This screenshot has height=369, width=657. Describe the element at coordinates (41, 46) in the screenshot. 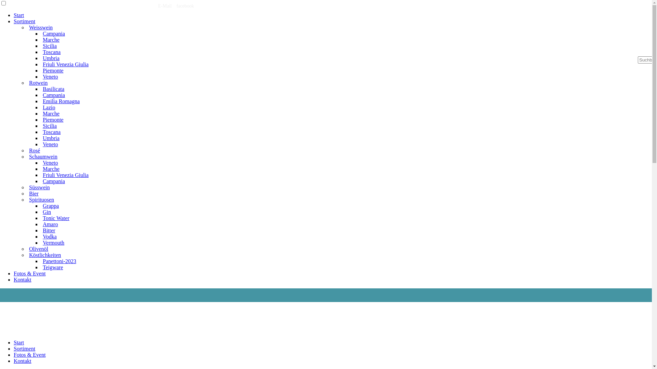

I see `'Sicilia'` at that location.